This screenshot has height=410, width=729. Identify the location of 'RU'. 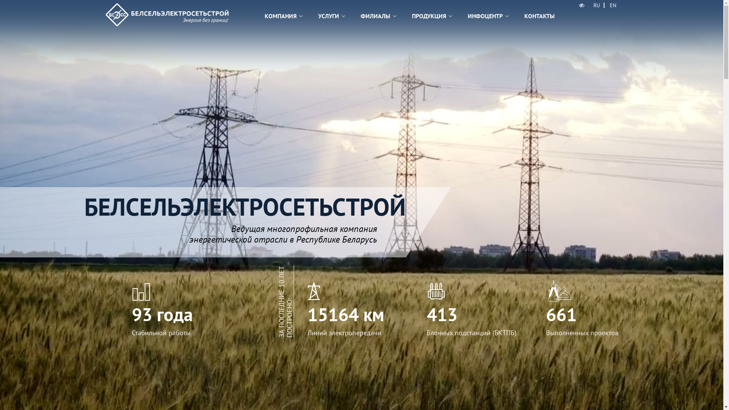
(596, 5).